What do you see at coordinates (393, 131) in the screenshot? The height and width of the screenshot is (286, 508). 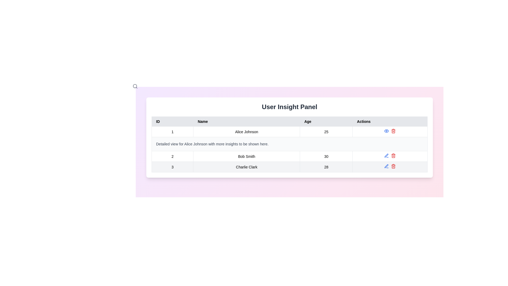 I see `the red trash bin icon located in the topmost row of the table under the 'Actions' column, which corresponds to the row related to 'Alice Johnson'` at bounding box center [393, 131].